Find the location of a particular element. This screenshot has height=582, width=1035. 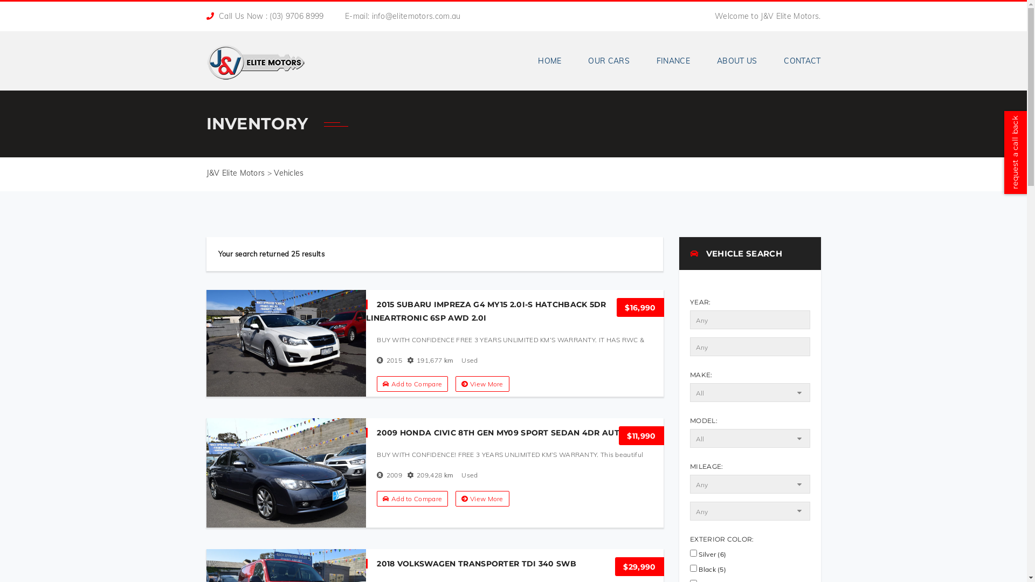

'ABOUT US' is located at coordinates (736, 60).